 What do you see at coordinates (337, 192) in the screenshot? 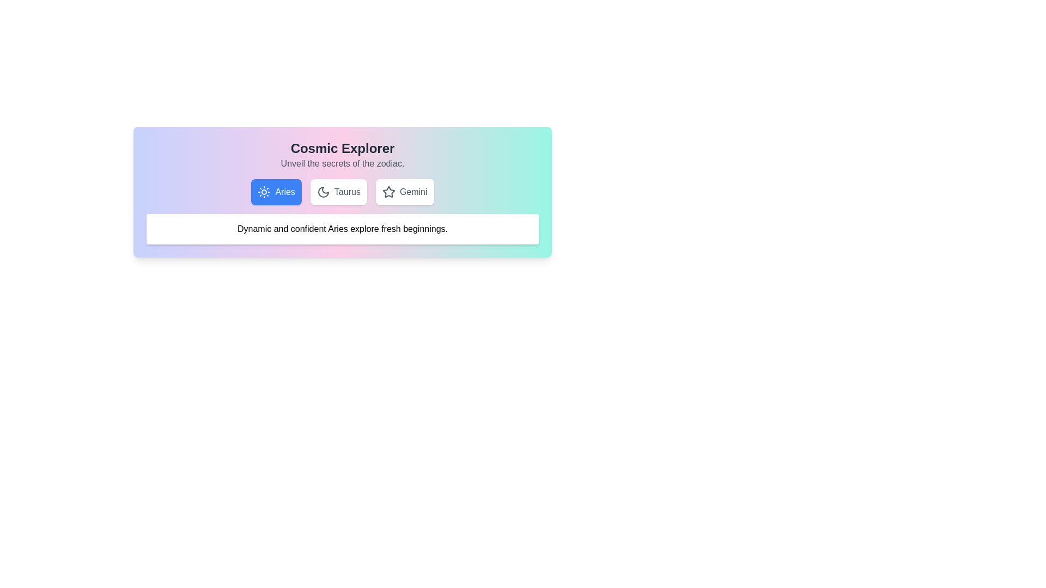
I see `the tab button labeled Taurus to observe hover effects` at bounding box center [337, 192].